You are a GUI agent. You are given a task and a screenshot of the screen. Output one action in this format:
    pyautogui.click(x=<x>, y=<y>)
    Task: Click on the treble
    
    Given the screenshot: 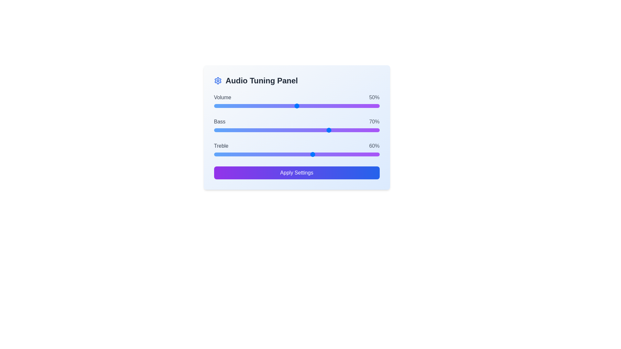 What is the action you would take?
    pyautogui.click(x=267, y=154)
    